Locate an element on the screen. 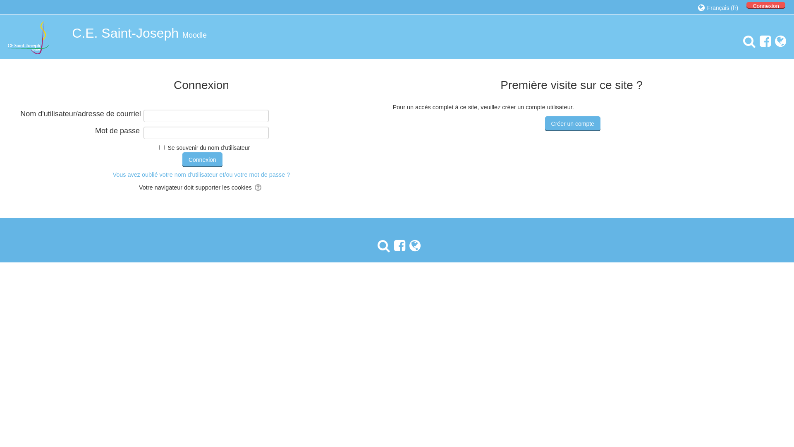  'Facebook' is located at coordinates (756, 41).